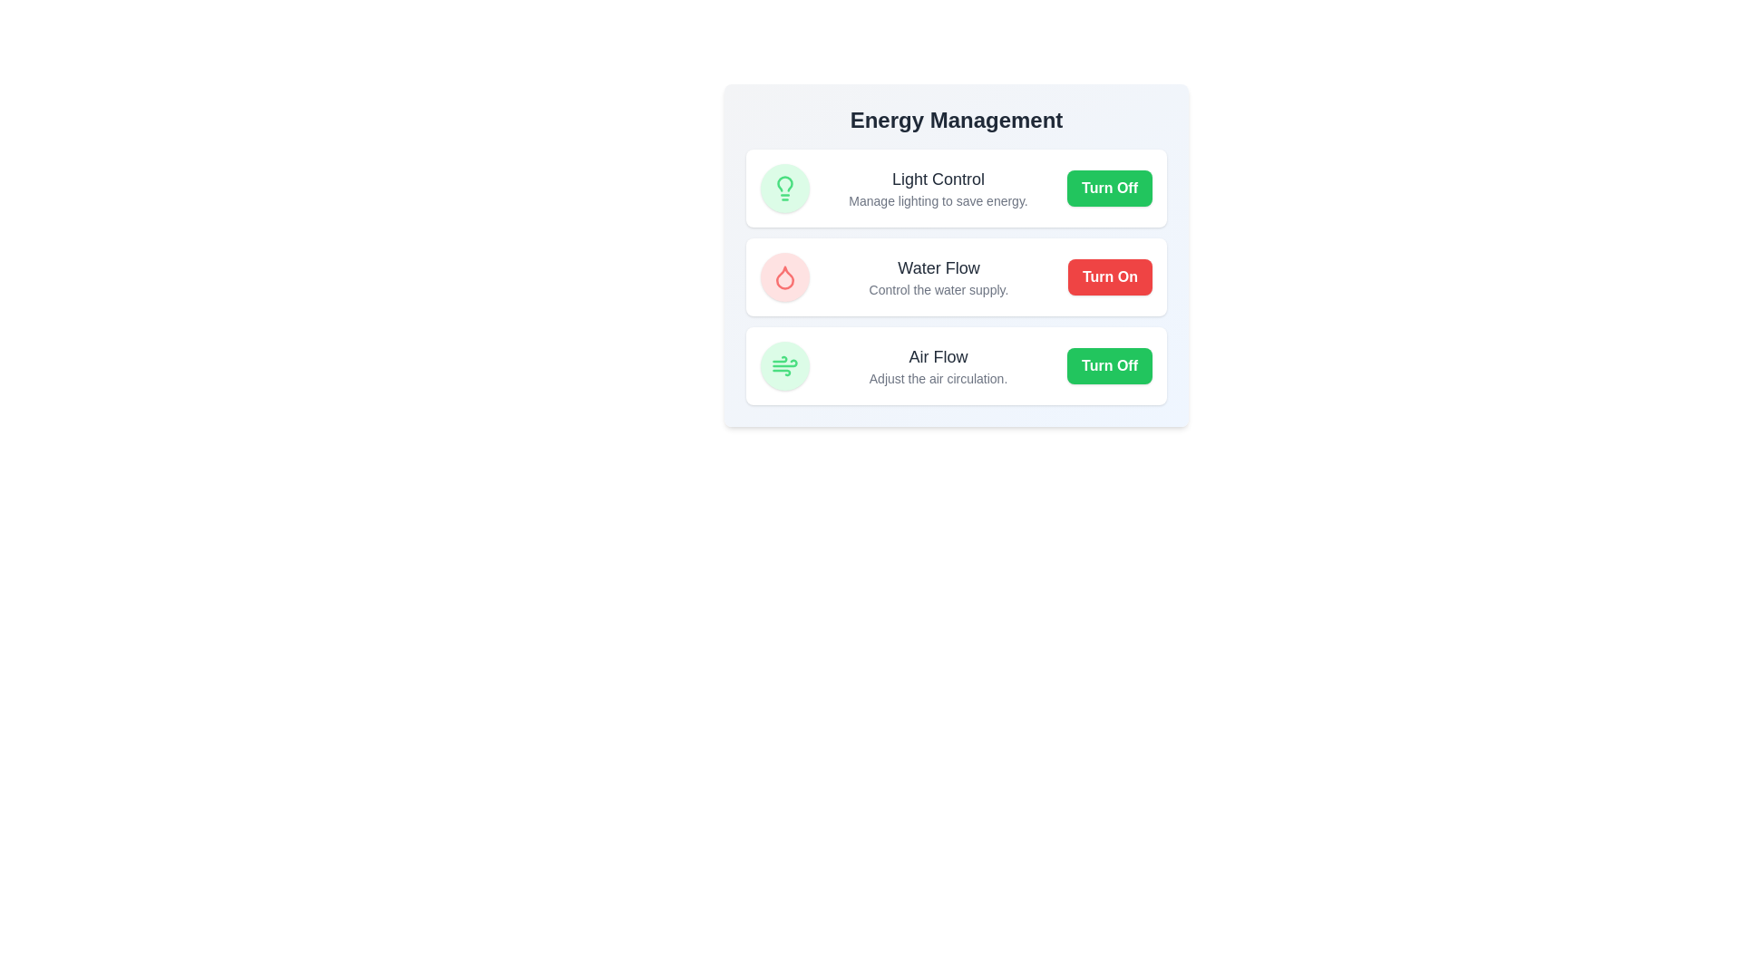 The height and width of the screenshot is (979, 1741). I want to click on the text label that provides additional information related to the 'Water Flow' section, positioned directly below the 'Water Flow' text in the 'Energy Management' interface, so click(939, 289).